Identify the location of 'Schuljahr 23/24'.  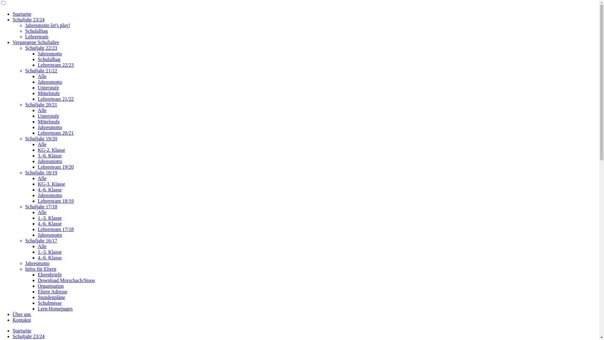
(12, 19).